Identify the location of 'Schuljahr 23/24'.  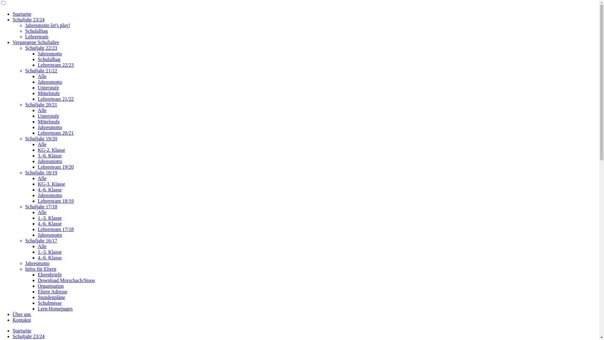
(12, 19).